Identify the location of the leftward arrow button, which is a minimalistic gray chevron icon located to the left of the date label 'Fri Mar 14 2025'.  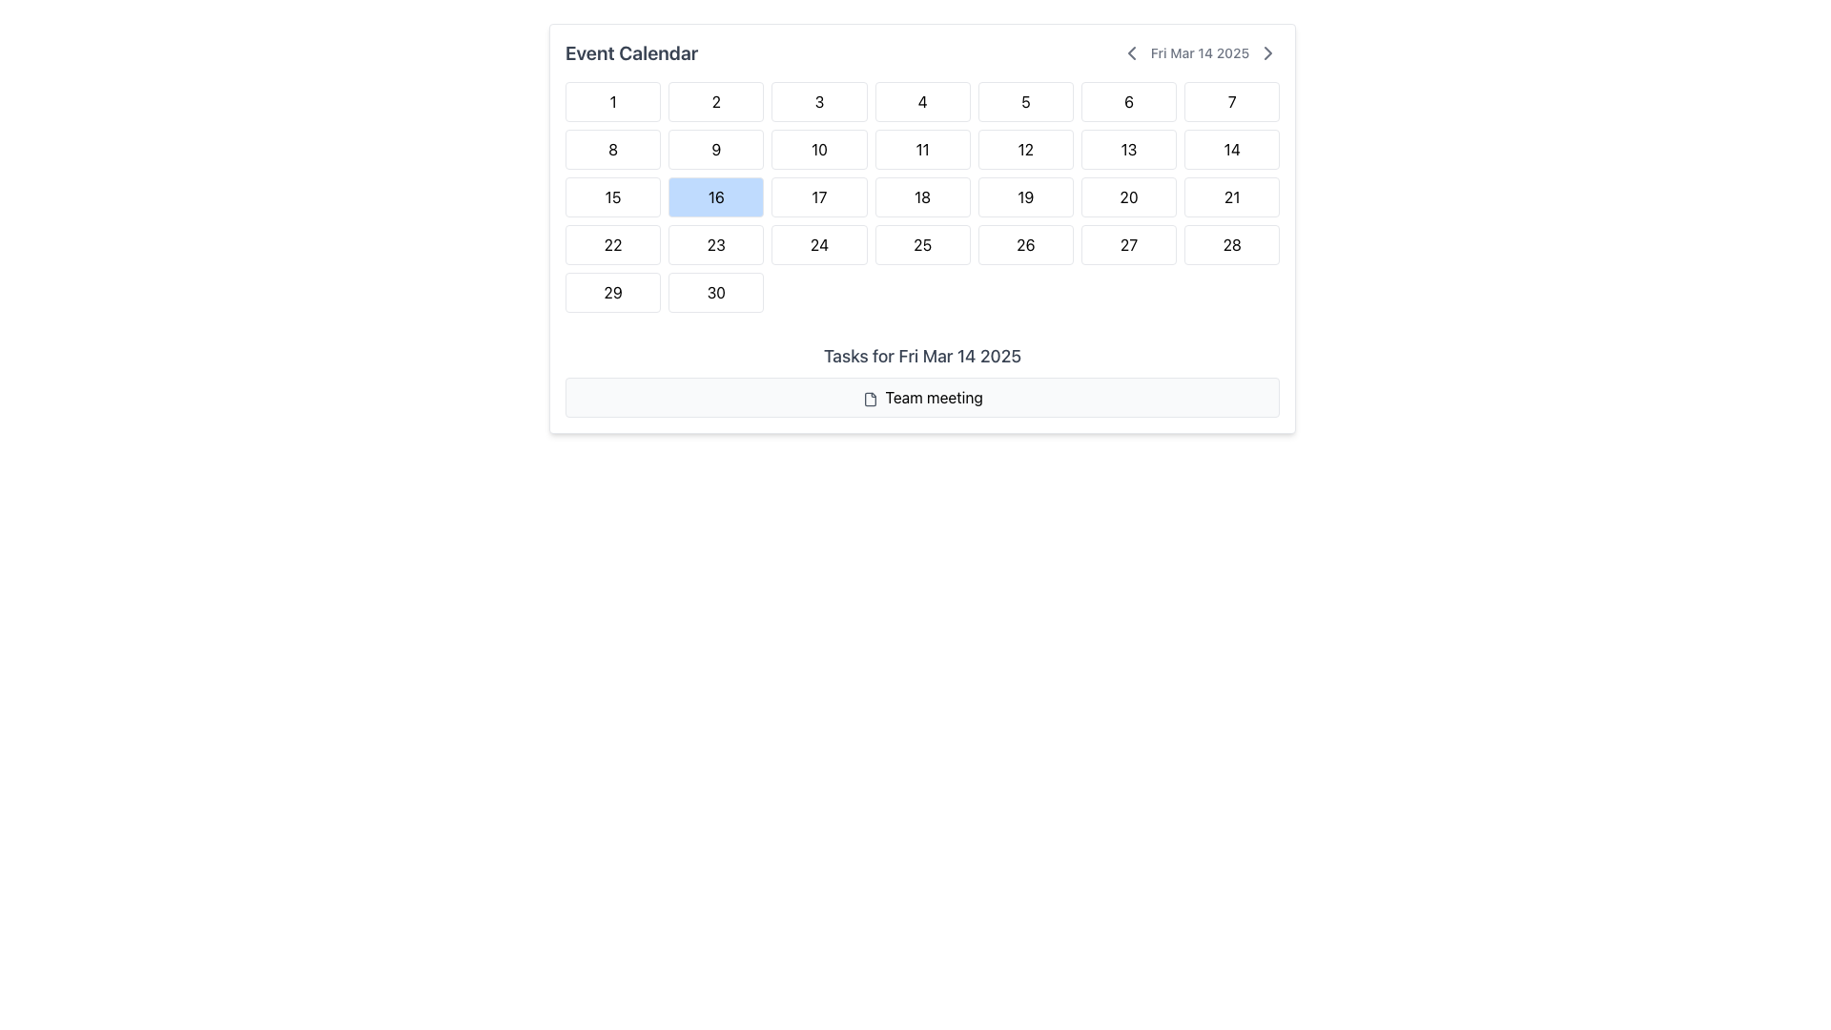
(1131, 52).